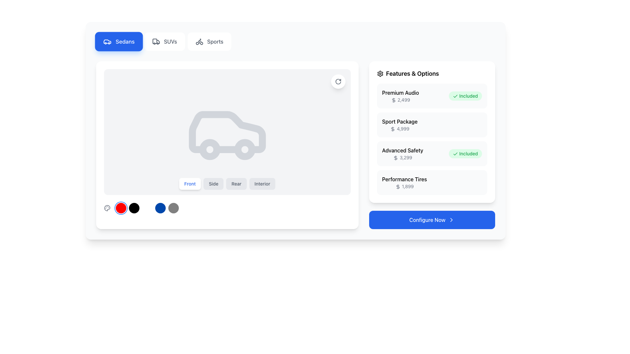 This screenshot has height=354, width=630. Describe the element at coordinates (432, 145) in the screenshot. I see `the price '$3,299' displayed in the 'Advanced Safety' section located in the 'Features & Options' area for more details` at that location.